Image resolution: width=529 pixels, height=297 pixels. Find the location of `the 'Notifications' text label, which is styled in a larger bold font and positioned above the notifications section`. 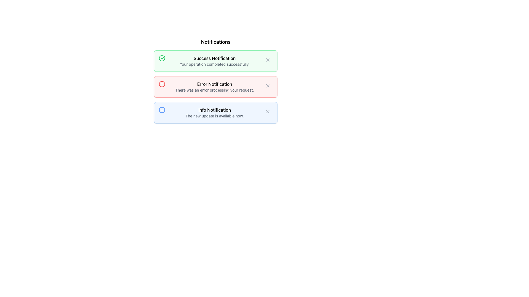

the 'Notifications' text label, which is styled in a larger bold font and positioned above the notifications section is located at coordinates (215, 42).